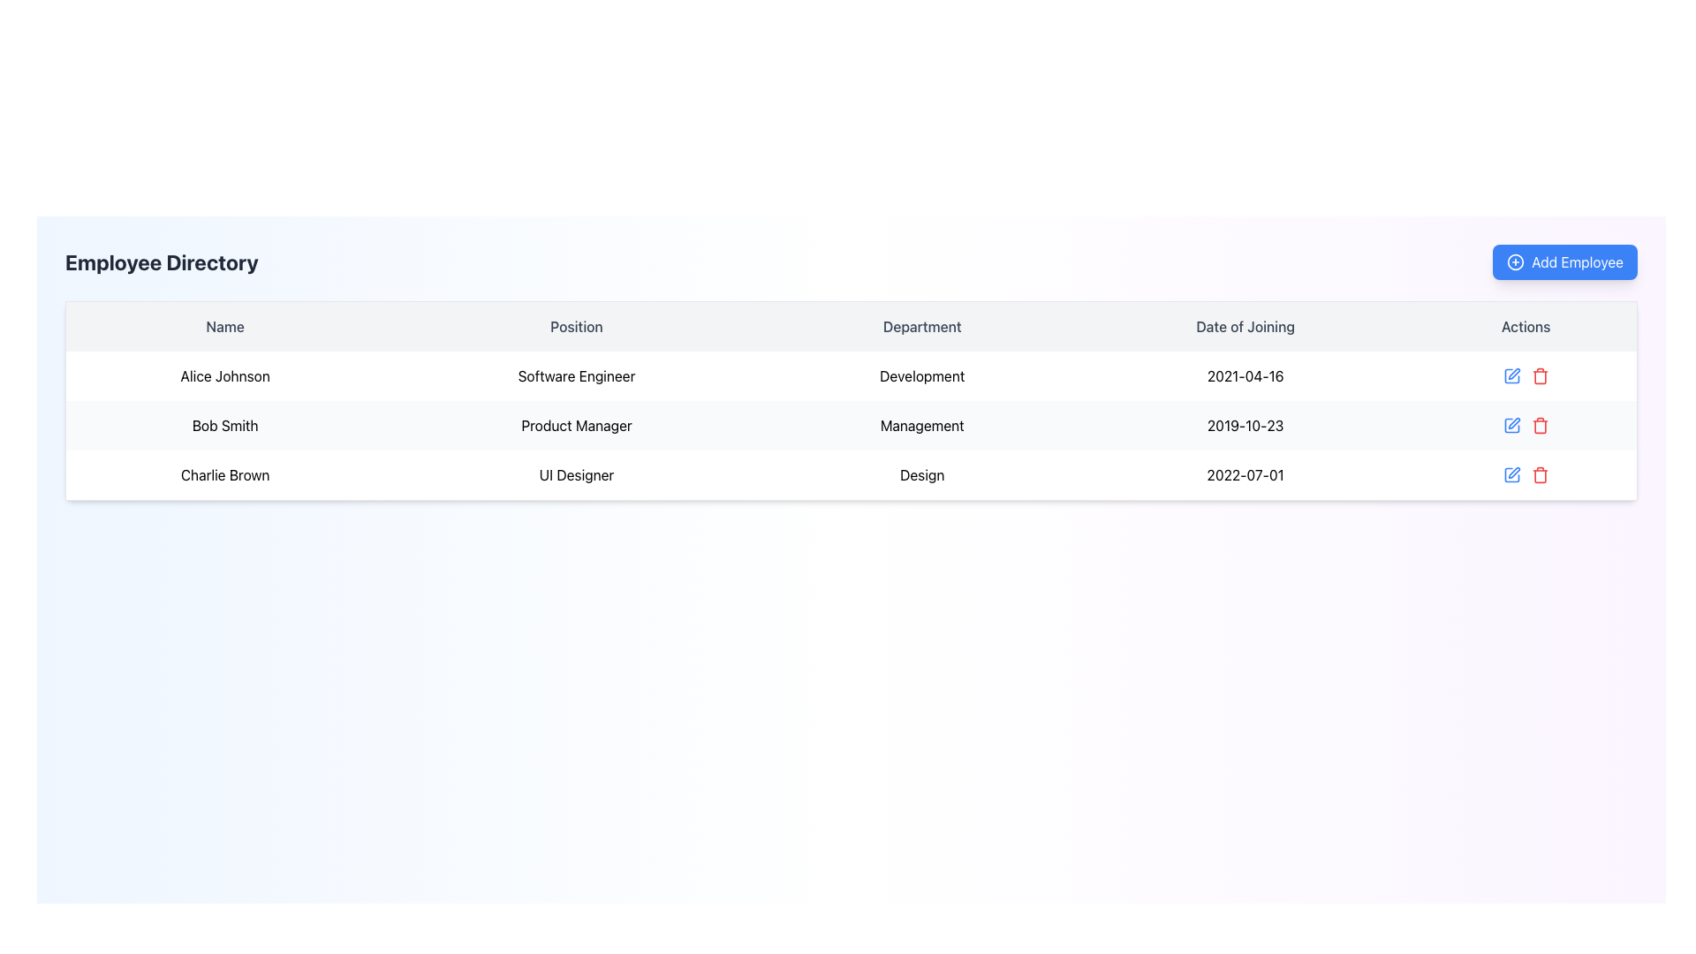  I want to click on the text label element displaying 'Development' in the third column of the table row for 'Alice Johnson', so click(921, 375).